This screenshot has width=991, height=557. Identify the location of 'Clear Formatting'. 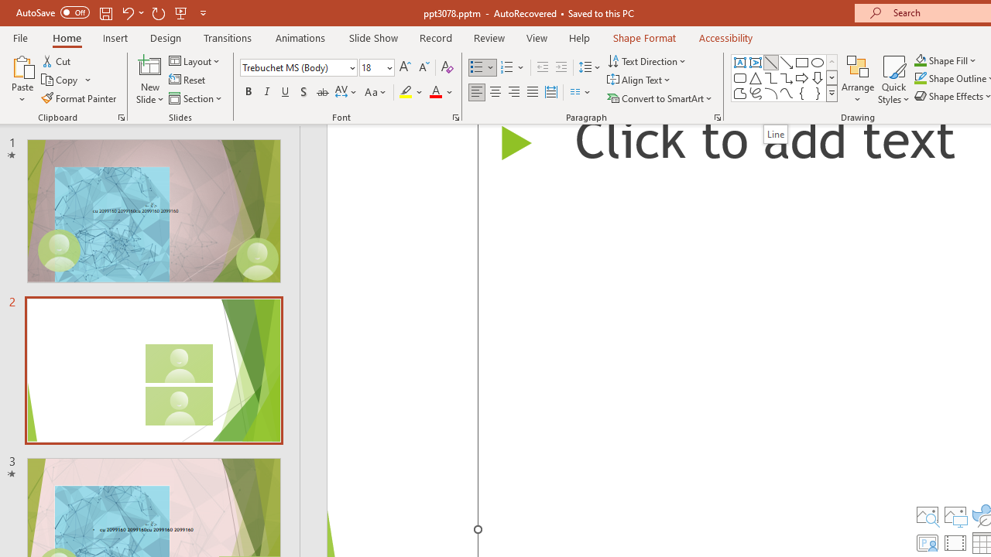
(446, 67).